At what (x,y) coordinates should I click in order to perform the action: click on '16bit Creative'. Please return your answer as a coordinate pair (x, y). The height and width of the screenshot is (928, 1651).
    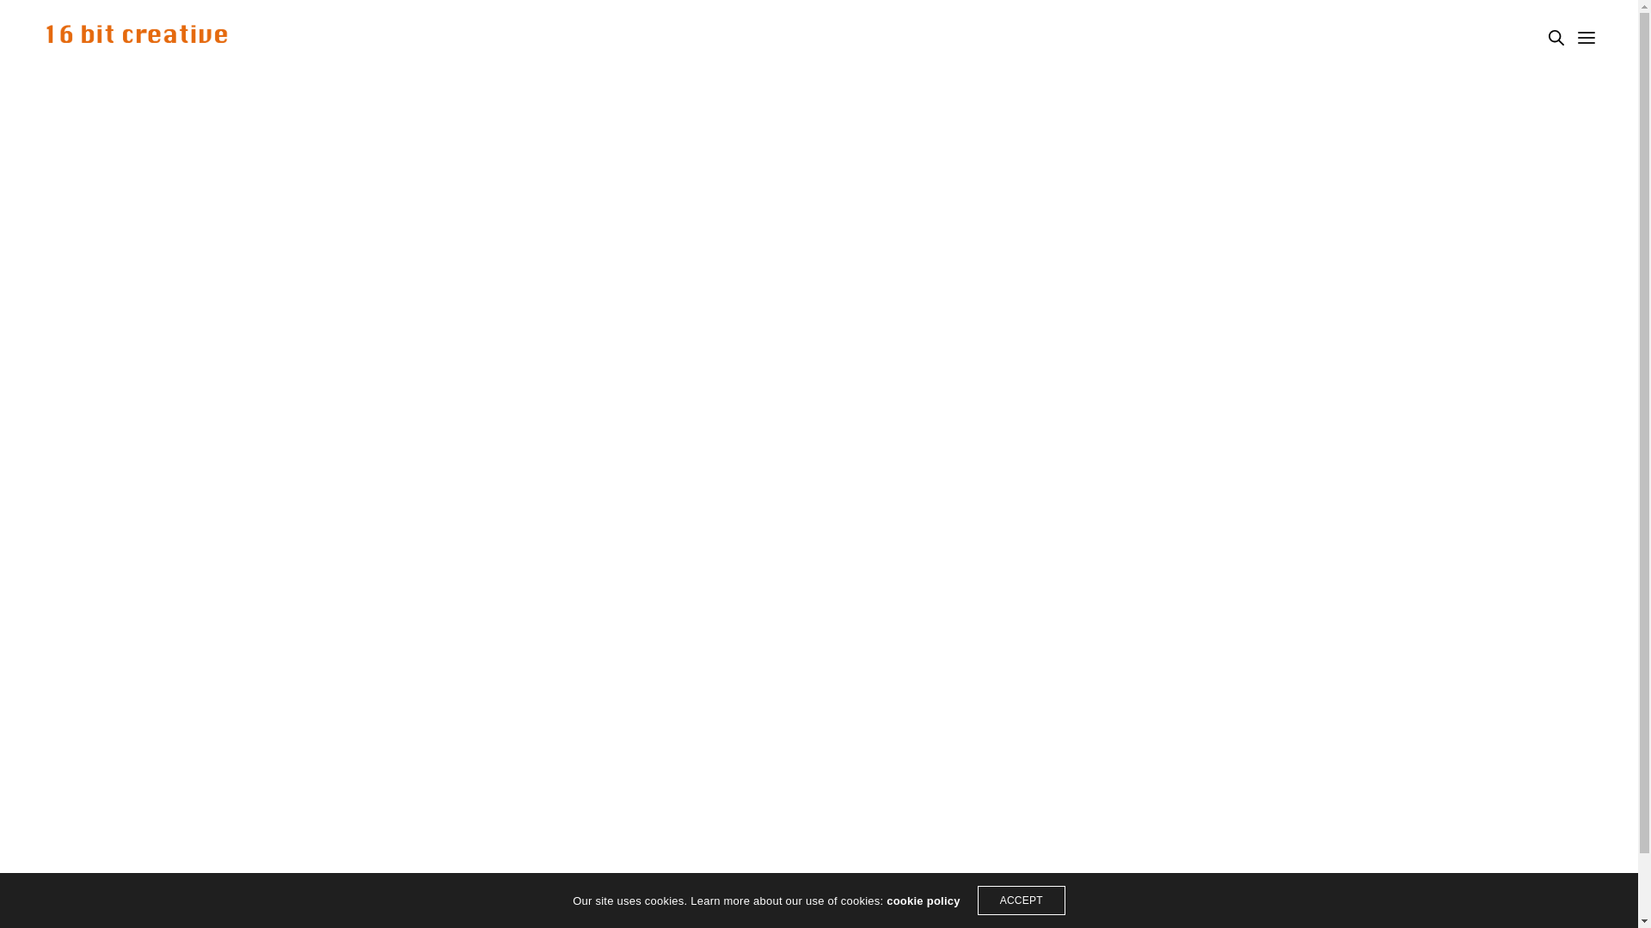
    Looking at the image, I should click on (135, 37).